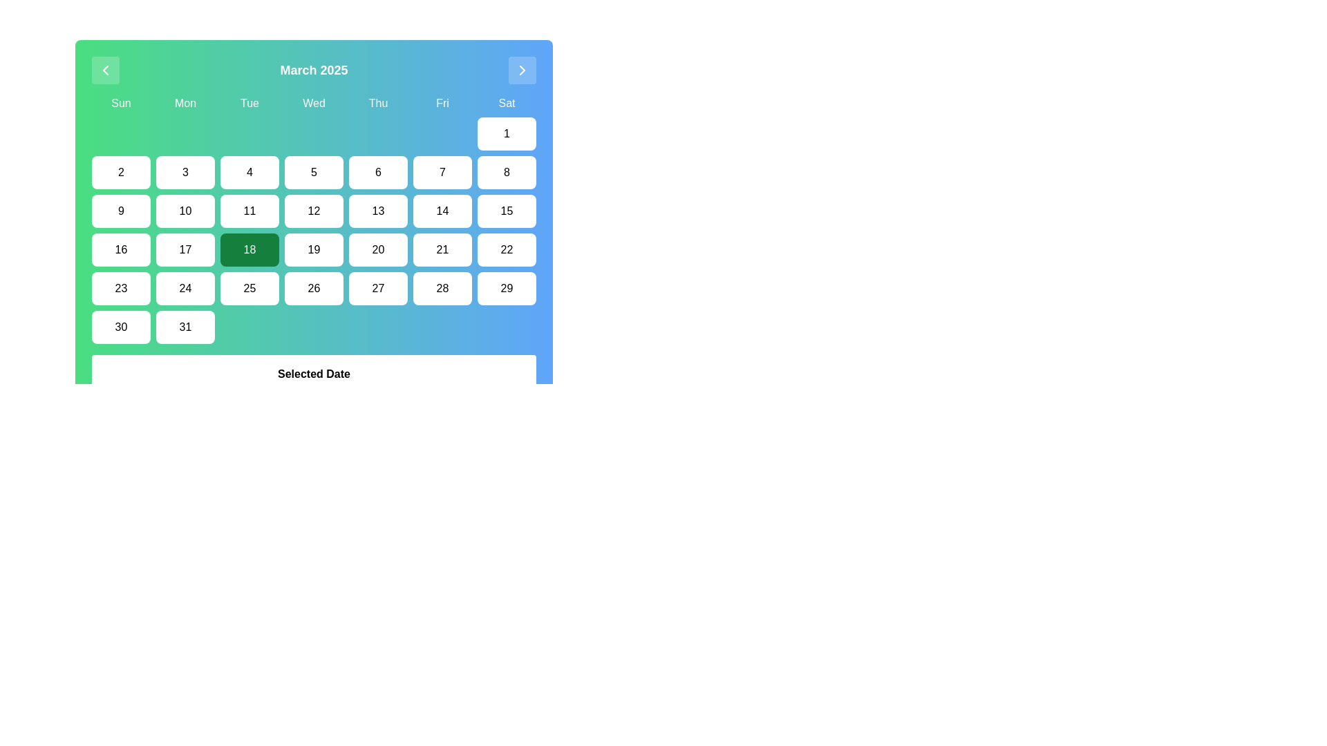 The height and width of the screenshot is (746, 1327). Describe the element at coordinates (313, 287) in the screenshot. I see `the calendar date button representing the date 26, located in the fourth row and fifth column of the calendar grid` at that location.